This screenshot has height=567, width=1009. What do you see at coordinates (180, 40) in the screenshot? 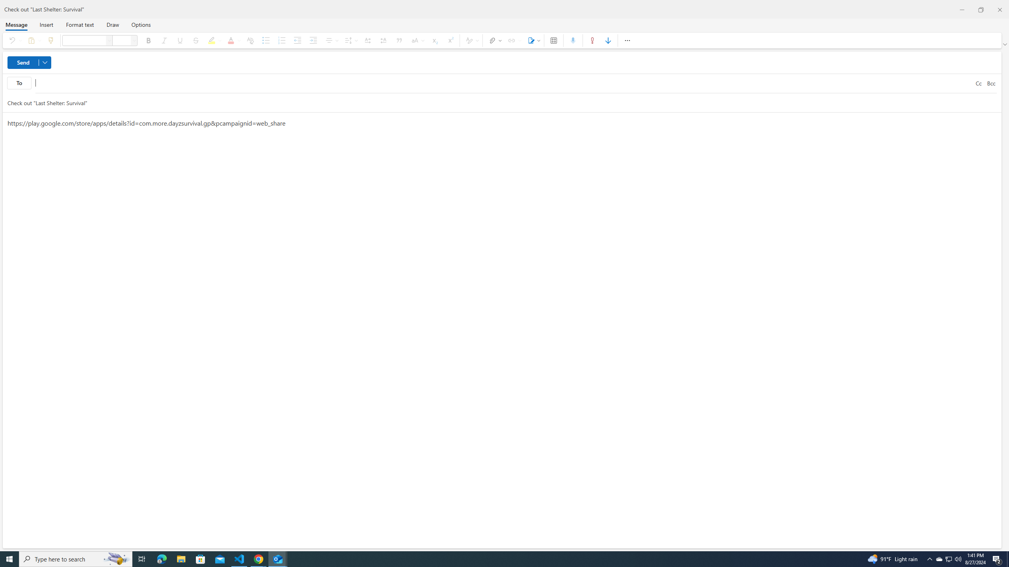
I see `'Underline'` at bounding box center [180, 40].